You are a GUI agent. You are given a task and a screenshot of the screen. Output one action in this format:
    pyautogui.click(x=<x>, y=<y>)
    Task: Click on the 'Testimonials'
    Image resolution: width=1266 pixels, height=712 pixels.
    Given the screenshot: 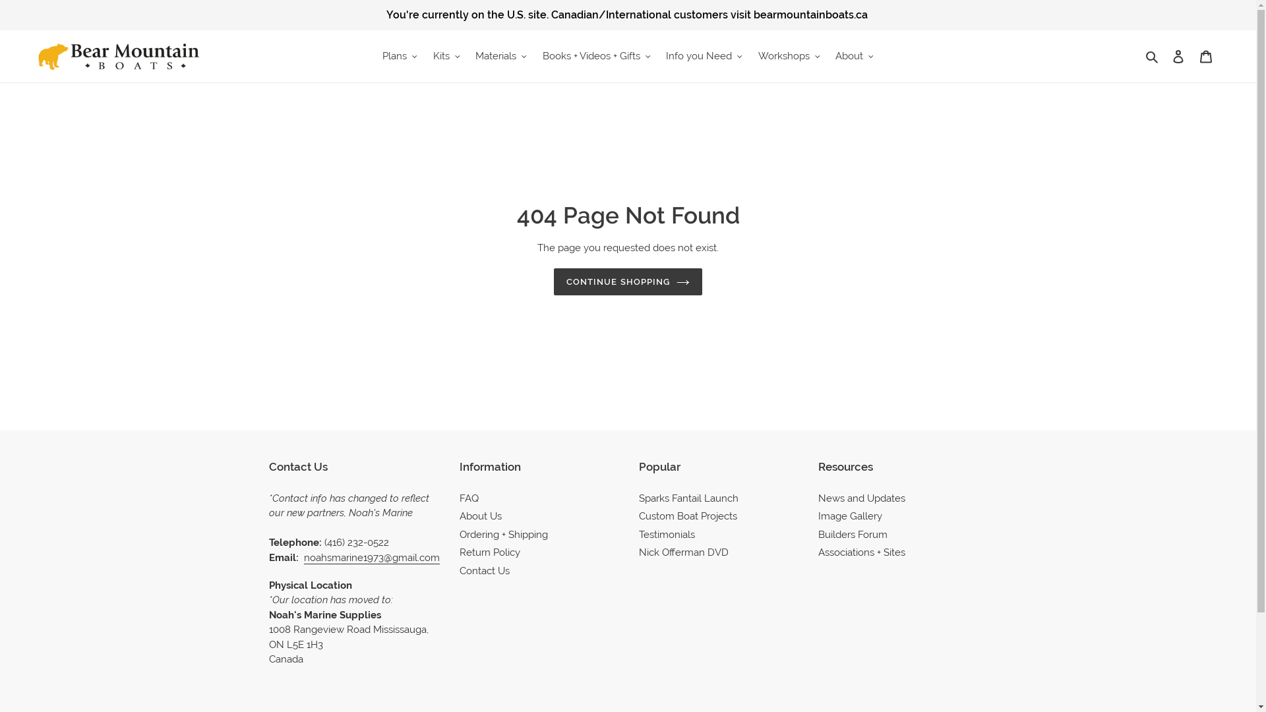 What is the action you would take?
    pyautogui.click(x=667, y=534)
    